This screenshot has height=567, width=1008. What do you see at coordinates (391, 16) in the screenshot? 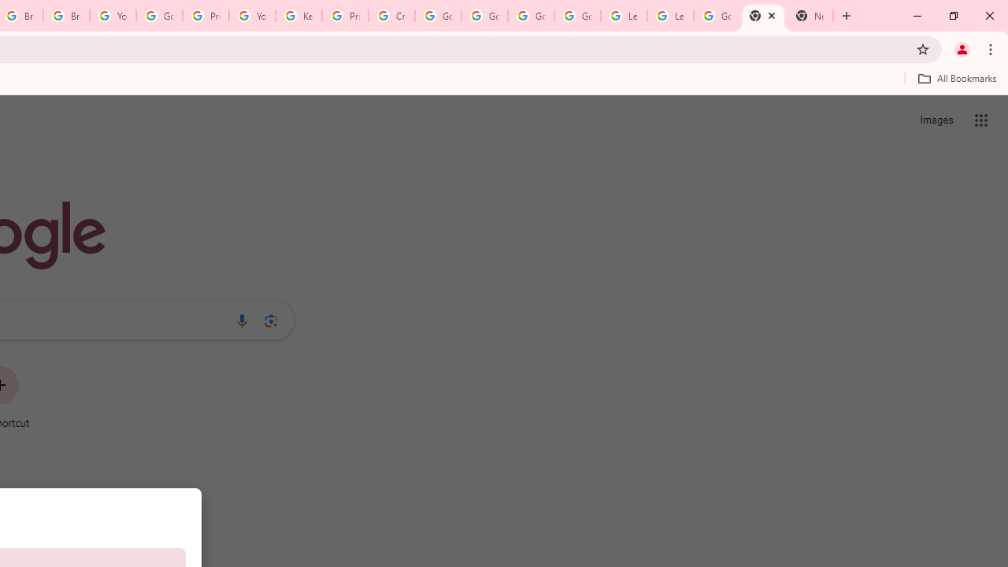
I see `'Create your Google Account'` at bounding box center [391, 16].